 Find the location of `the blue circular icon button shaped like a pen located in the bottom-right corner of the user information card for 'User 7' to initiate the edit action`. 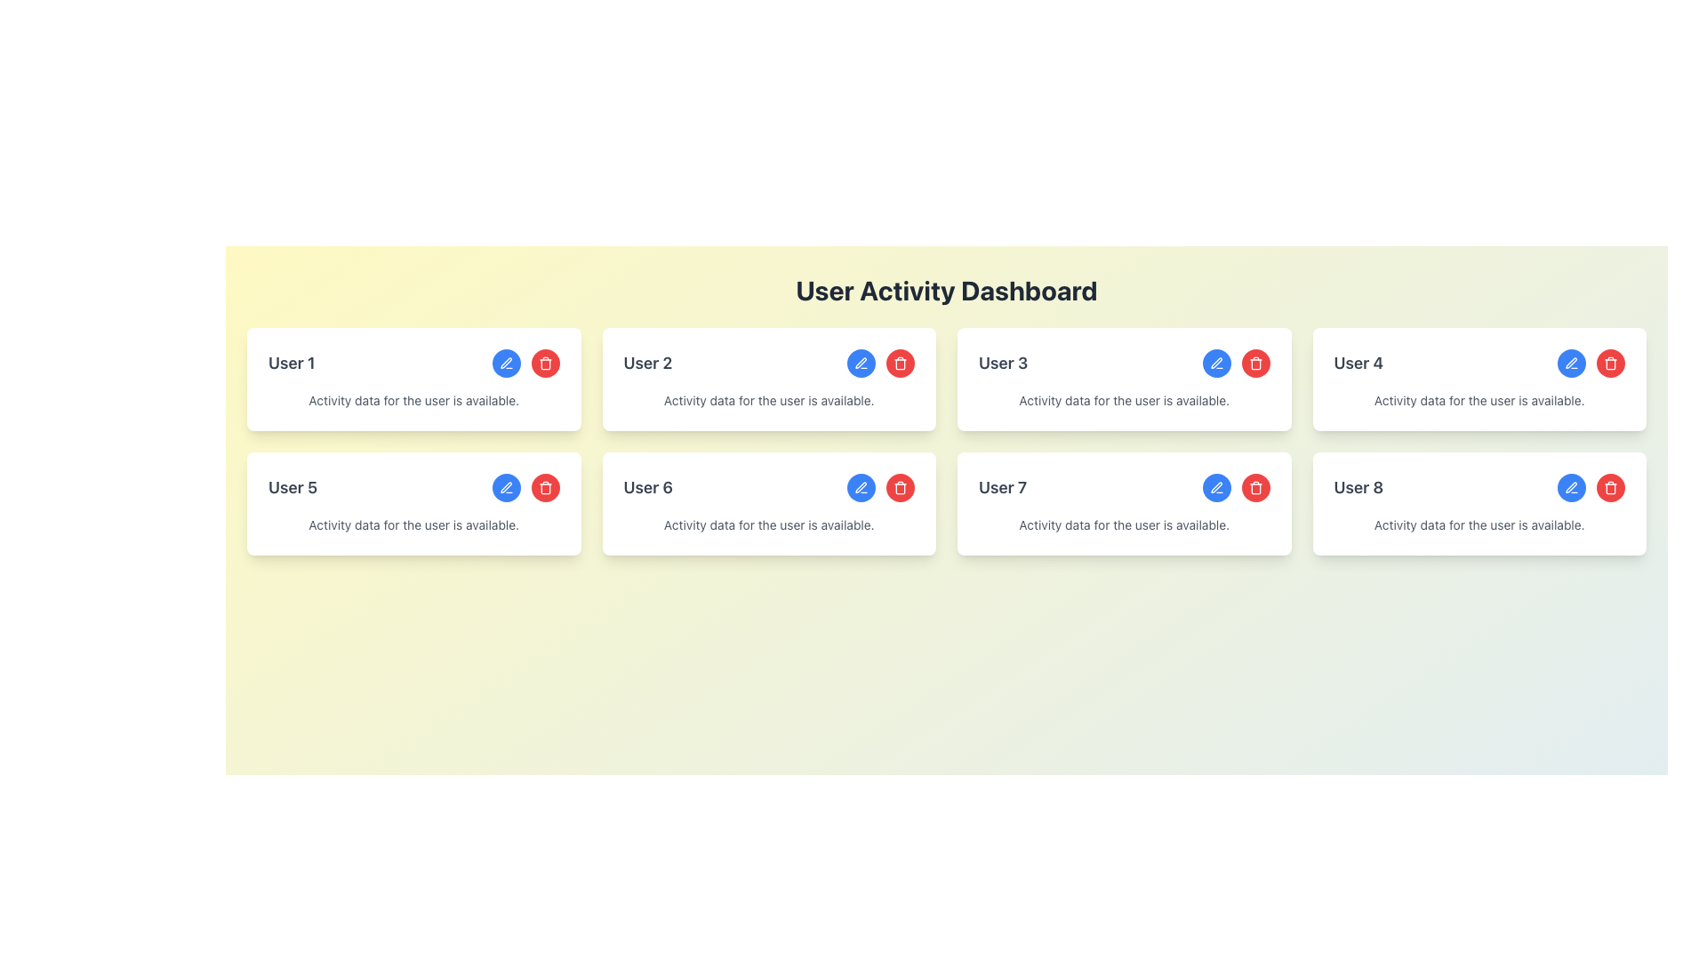

the blue circular icon button shaped like a pen located in the bottom-right corner of the user information card for 'User 7' to initiate the edit action is located at coordinates (1215, 487).